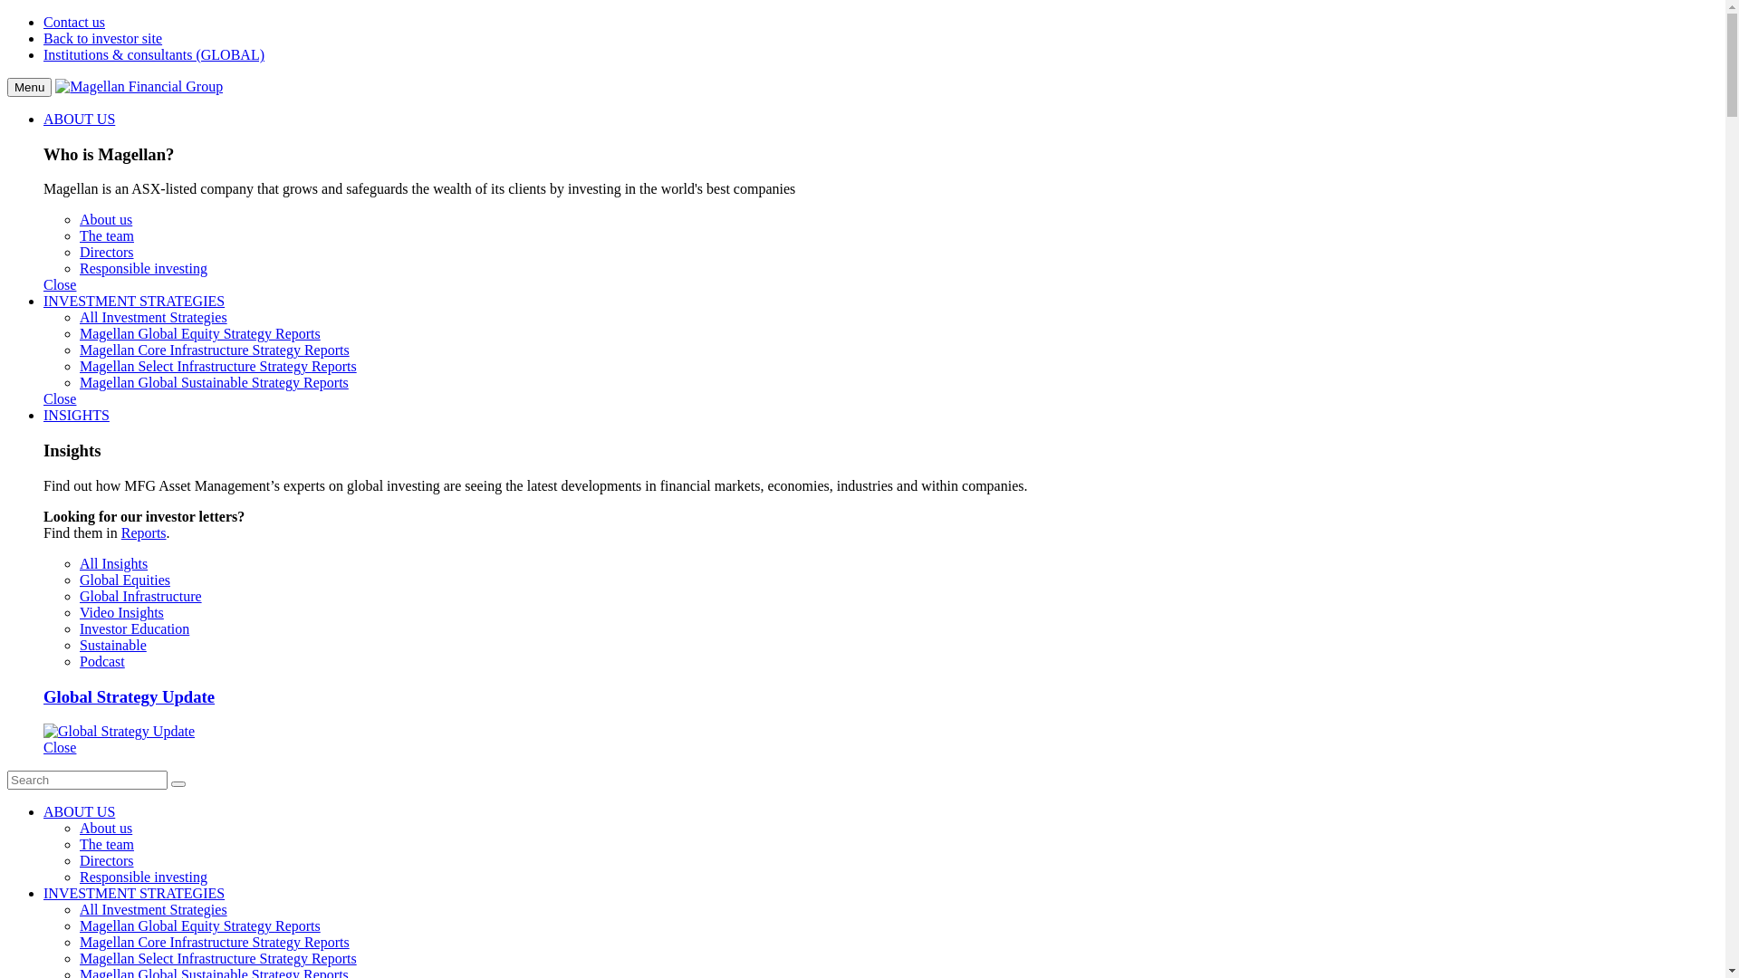 The image size is (1739, 978). What do you see at coordinates (72, 22) in the screenshot?
I see `'Contact us'` at bounding box center [72, 22].